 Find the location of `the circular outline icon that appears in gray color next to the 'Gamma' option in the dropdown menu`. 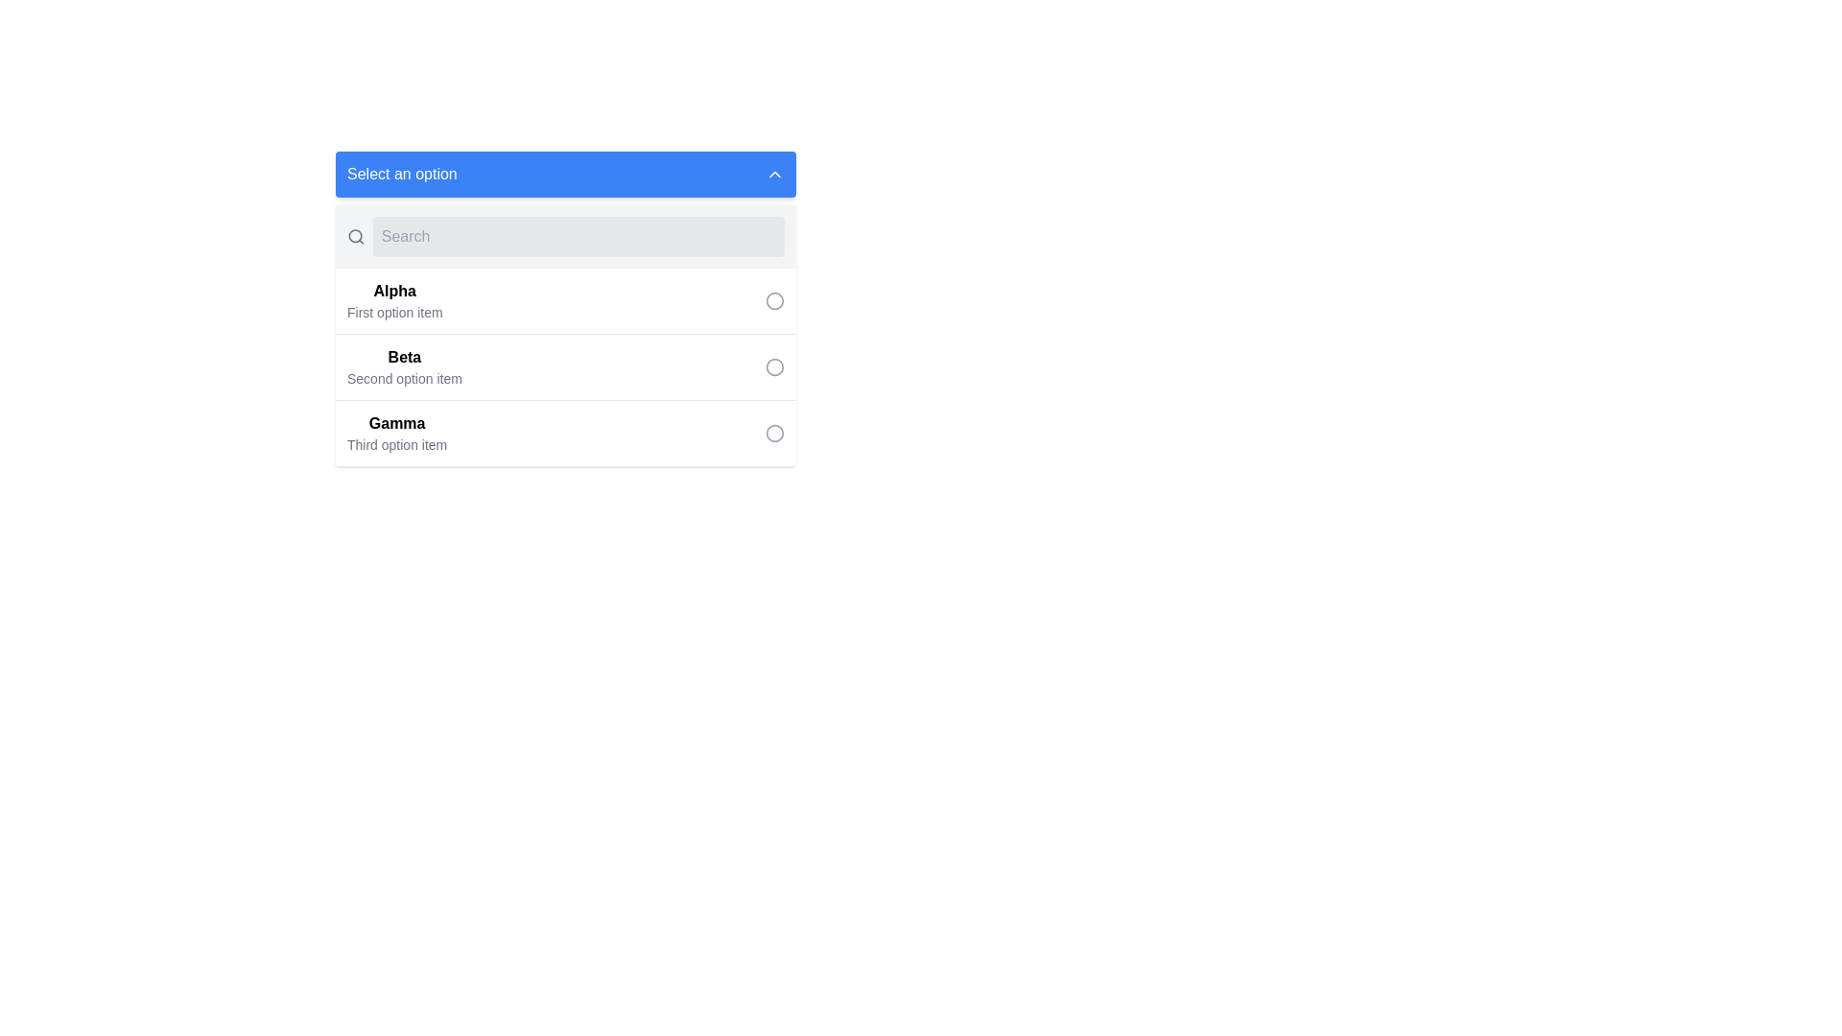

the circular outline icon that appears in gray color next to the 'Gamma' option in the dropdown menu is located at coordinates (774, 433).